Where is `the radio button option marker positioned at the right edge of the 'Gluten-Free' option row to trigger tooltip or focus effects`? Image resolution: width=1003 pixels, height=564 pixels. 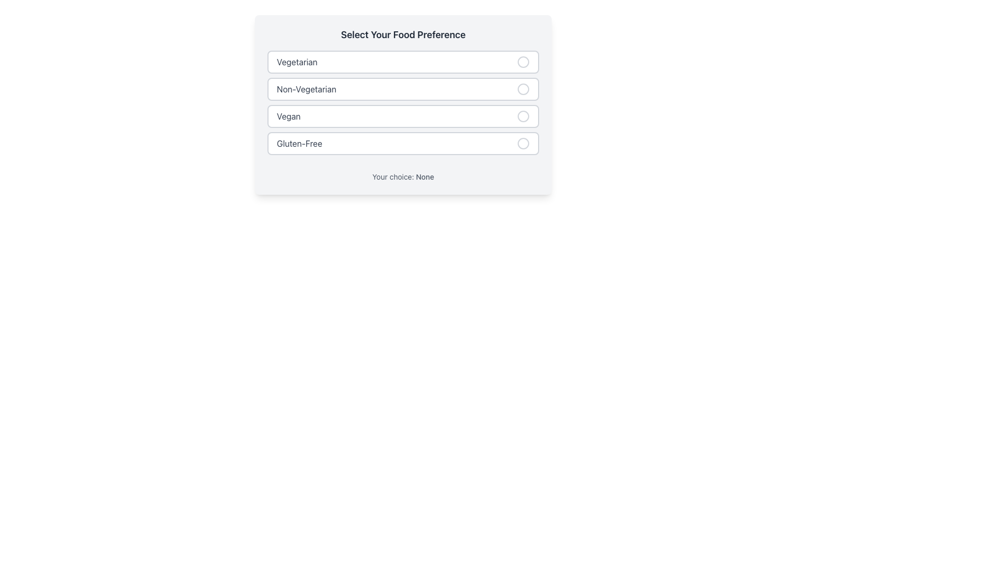 the radio button option marker positioned at the right edge of the 'Gluten-Free' option row to trigger tooltip or focus effects is located at coordinates (523, 143).